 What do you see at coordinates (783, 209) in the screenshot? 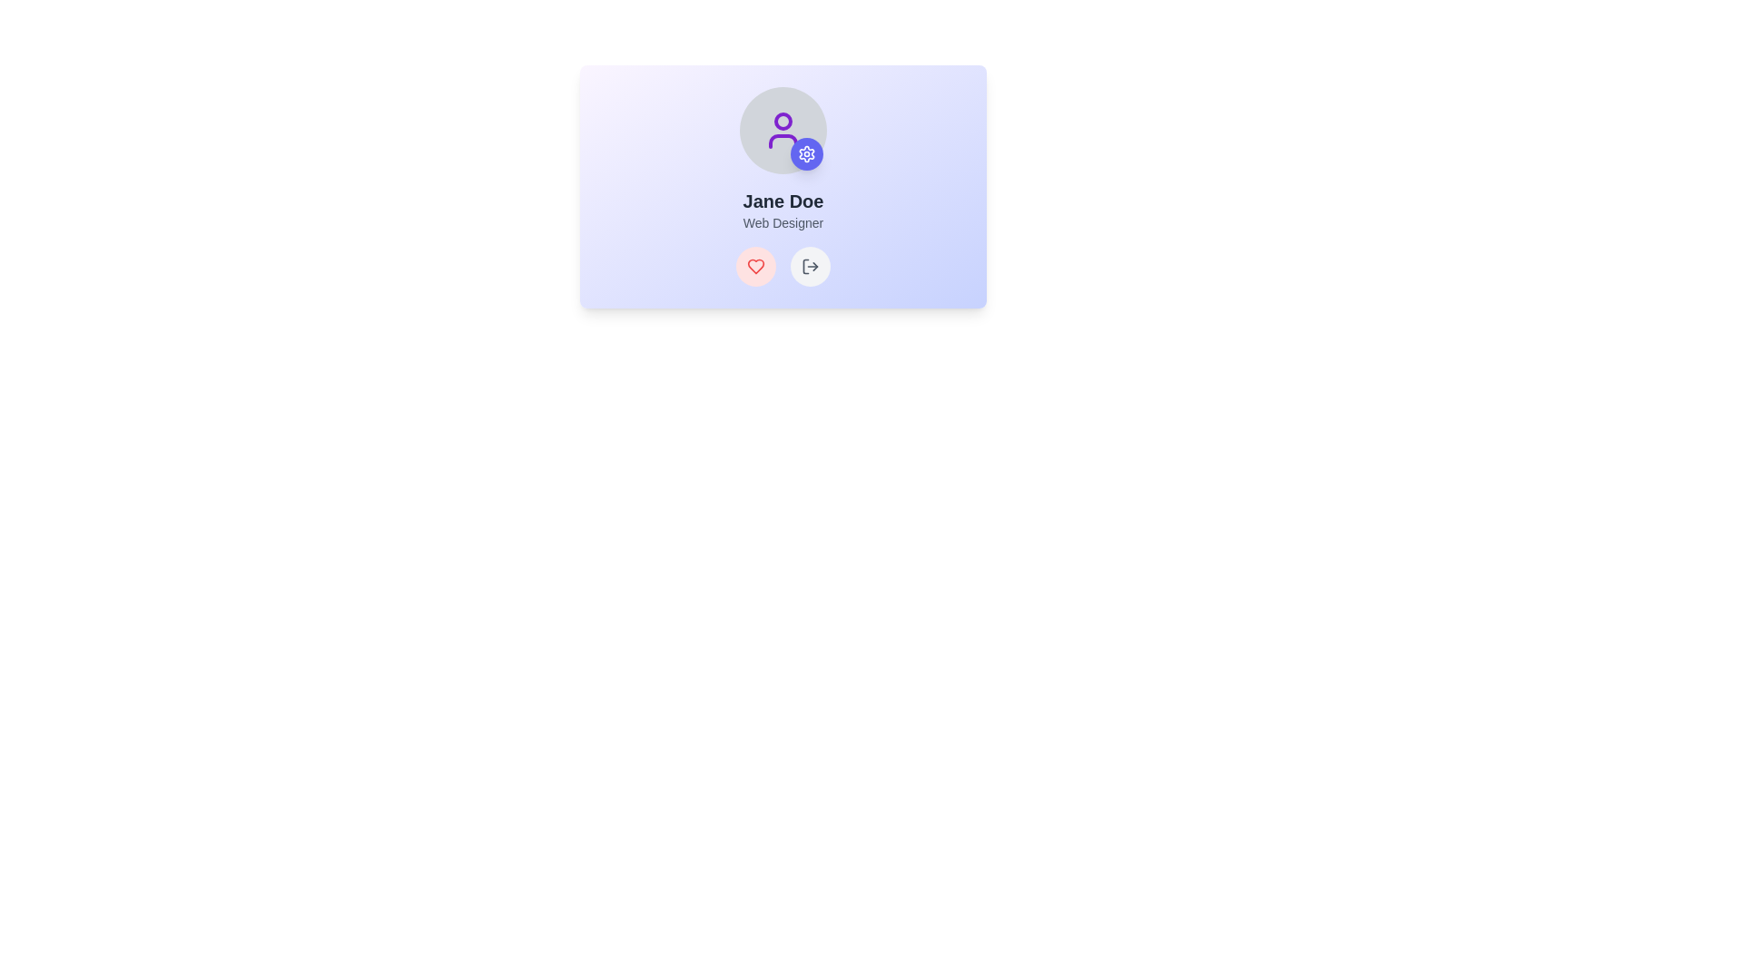
I see `centered header text displayed in the Text Display element, which is located below a circular icon and above a row of interactive buttons` at bounding box center [783, 209].